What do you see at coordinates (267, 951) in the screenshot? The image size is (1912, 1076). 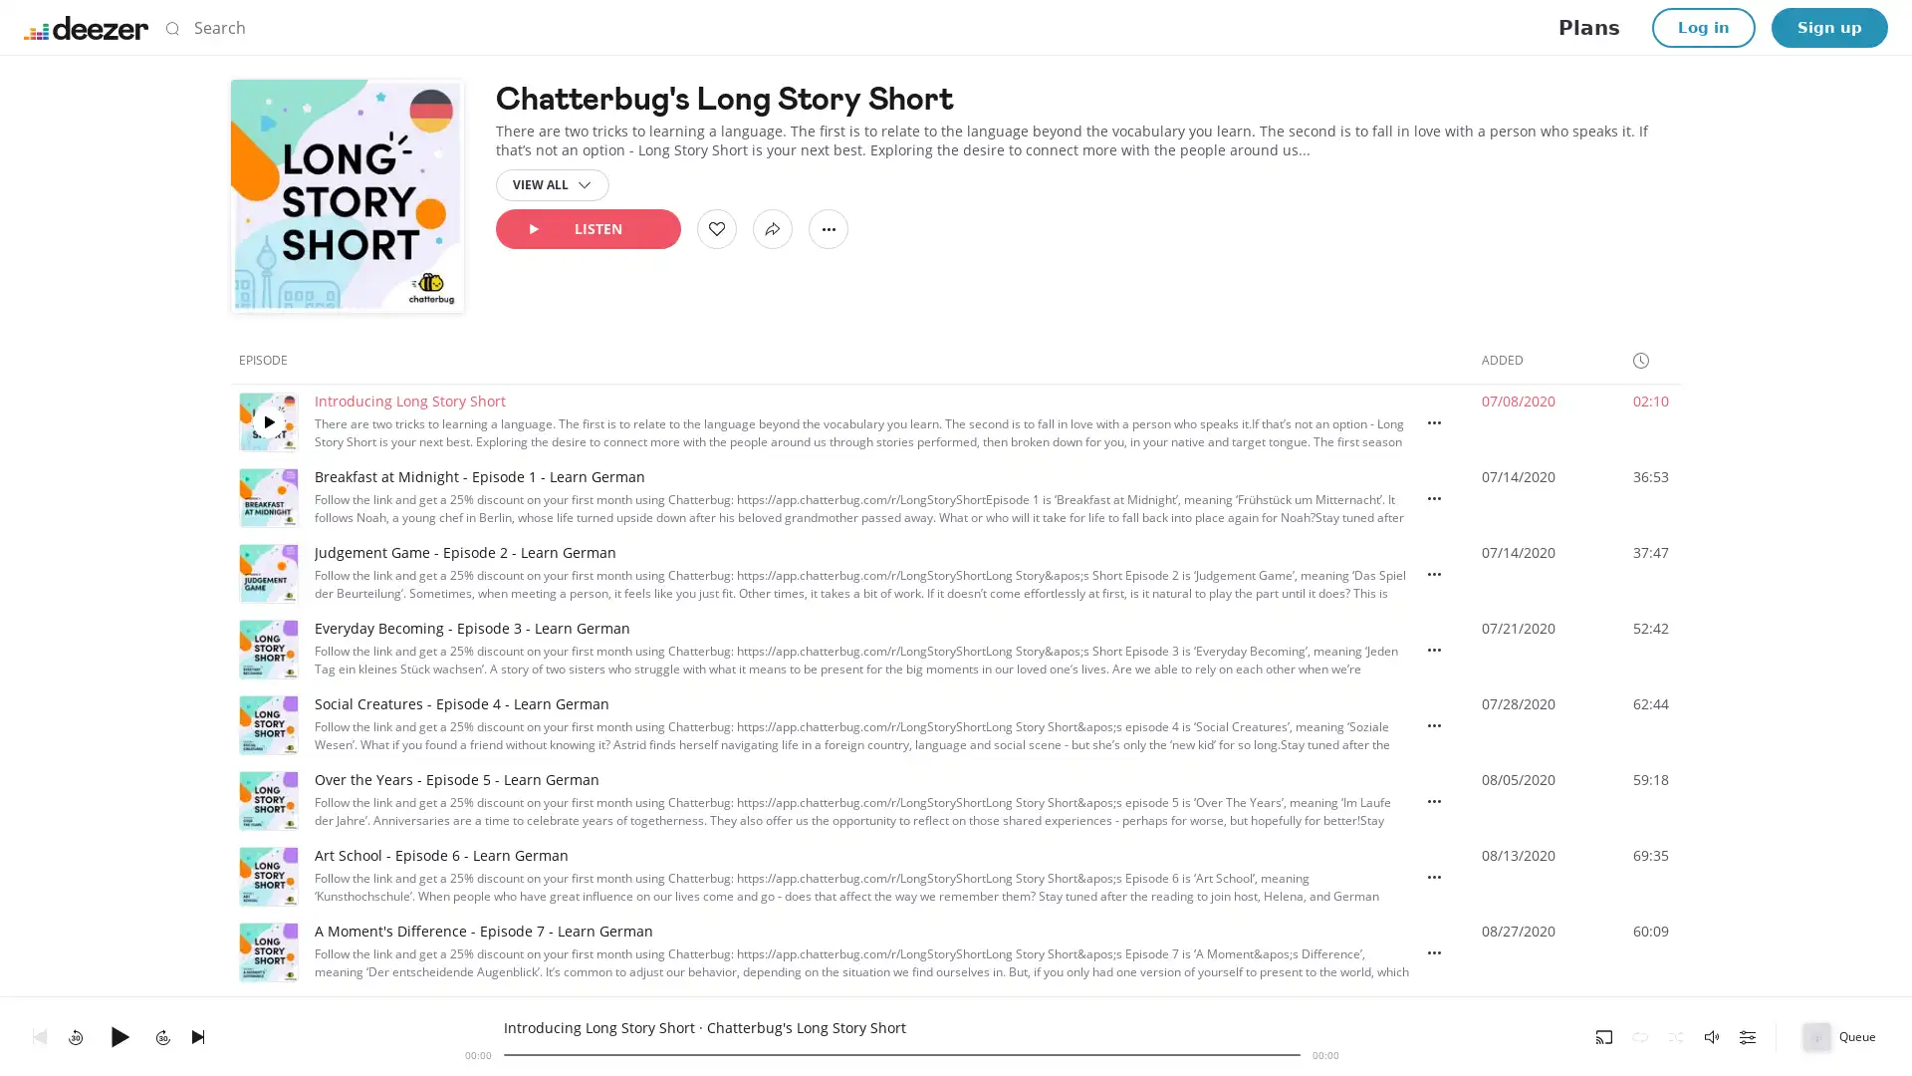 I see `Play A Moment's Difference - Episode 7 - Learn German by Chatterbug's Long Story Short` at bounding box center [267, 951].